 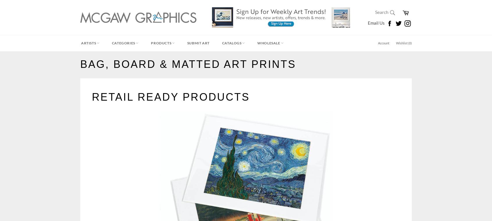 What do you see at coordinates (92, 77) in the screenshot?
I see `'Andy Warhol'` at bounding box center [92, 77].